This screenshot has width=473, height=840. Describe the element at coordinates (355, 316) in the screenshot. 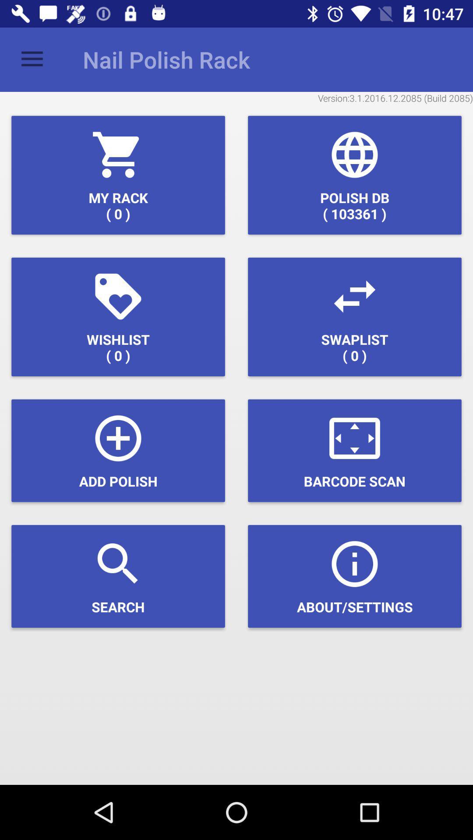

I see `swaplist` at that location.